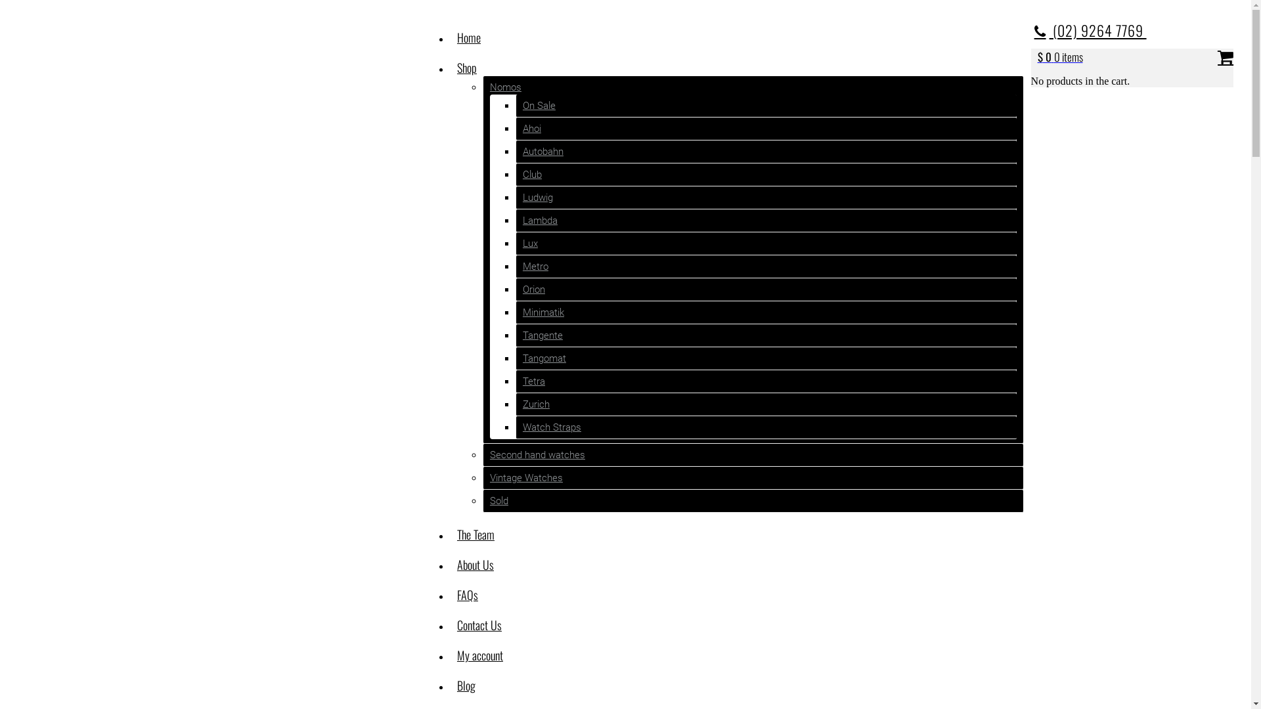 This screenshot has height=709, width=1261. What do you see at coordinates (530, 243) in the screenshot?
I see `'Lux'` at bounding box center [530, 243].